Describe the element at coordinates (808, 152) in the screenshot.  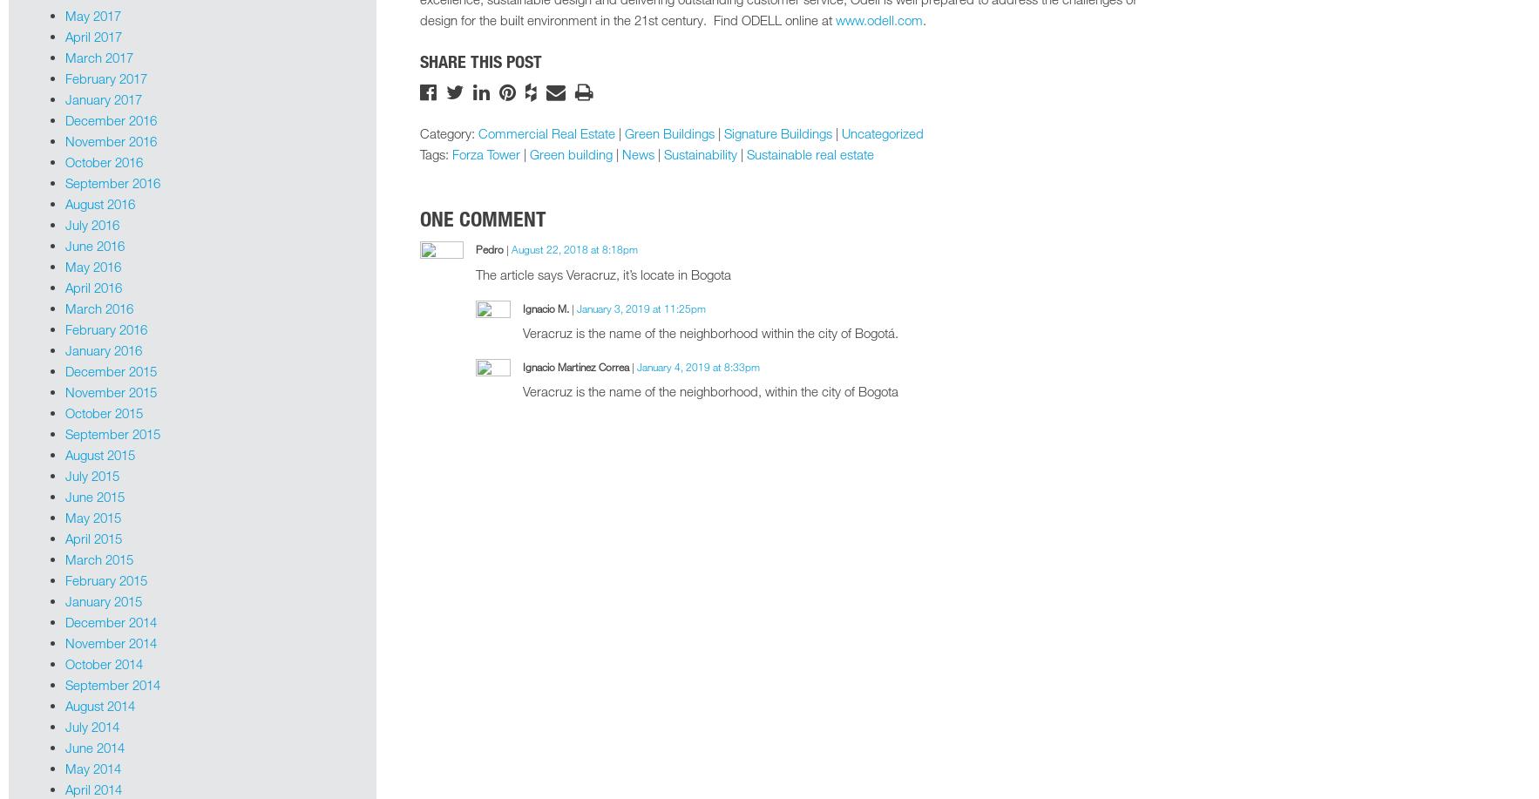
I see `'Sustainable real estate'` at that location.